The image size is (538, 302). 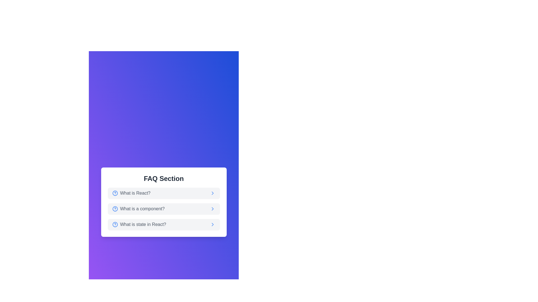 What do you see at coordinates (163, 224) in the screenshot?
I see `the third FAQ entry` at bounding box center [163, 224].